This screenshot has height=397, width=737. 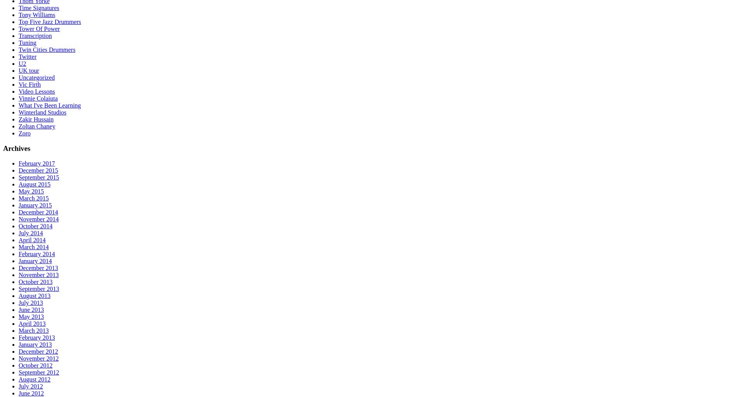 I want to click on 'December 2014', so click(x=38, y=212).